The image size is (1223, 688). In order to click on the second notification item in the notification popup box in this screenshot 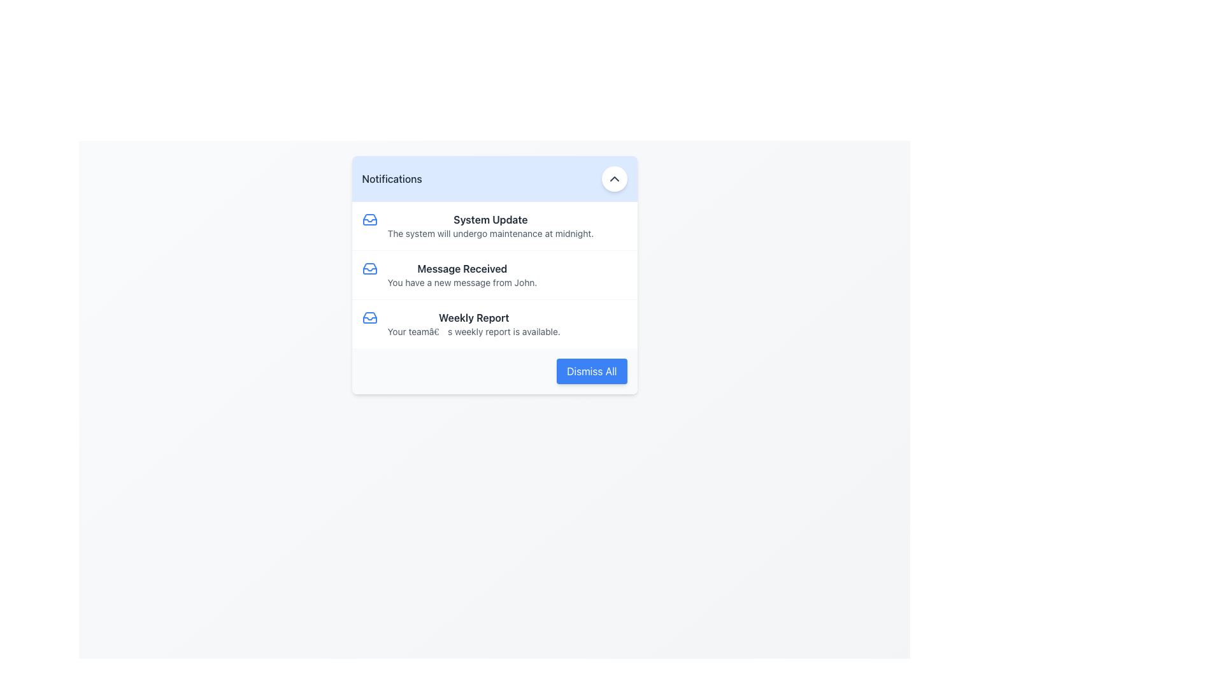, I will do `click(494, 275)`.